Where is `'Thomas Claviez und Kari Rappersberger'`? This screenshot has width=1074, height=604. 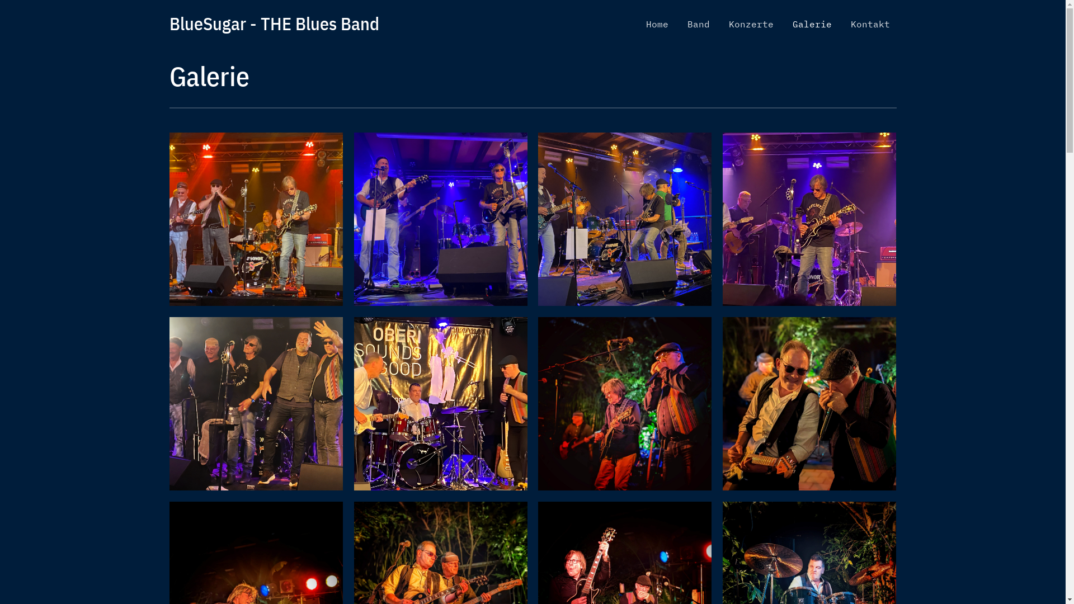 'Thomas Claviez und Kari Rappersberger' is located at coordinates (722, 403).